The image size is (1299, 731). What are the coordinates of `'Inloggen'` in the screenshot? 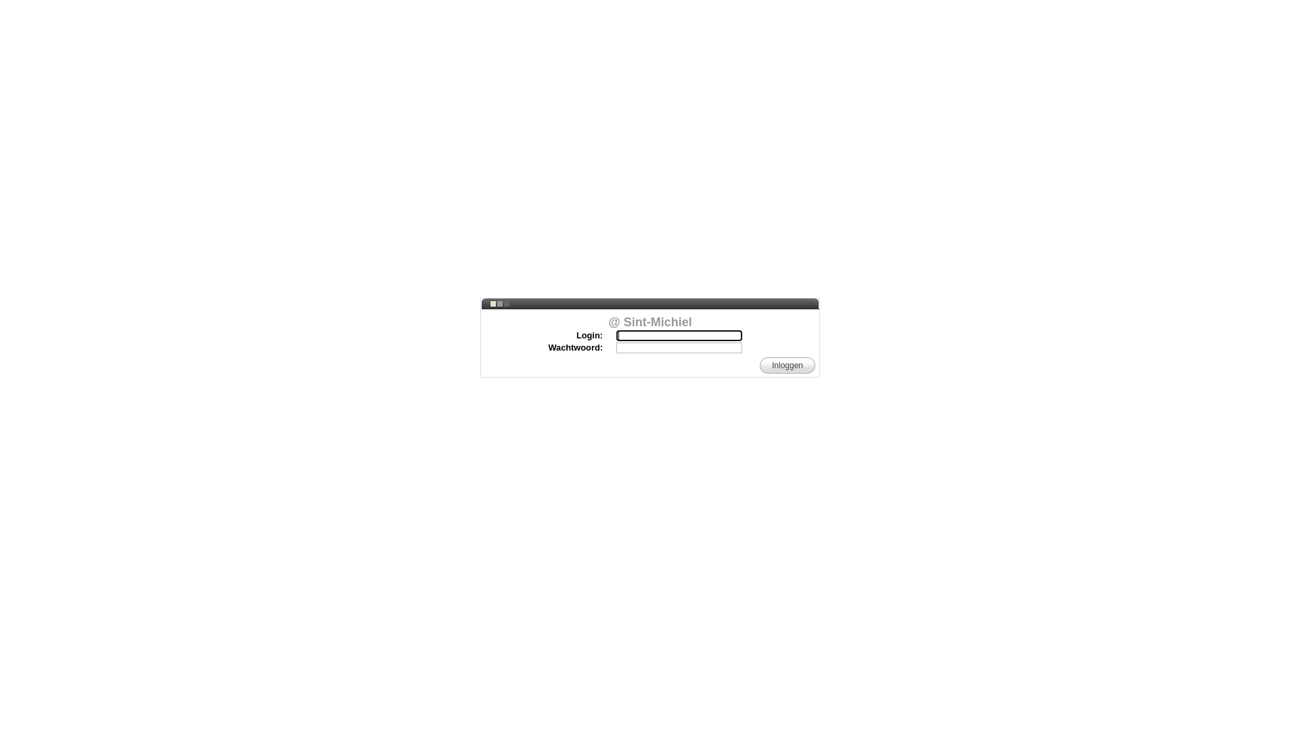 It's located at (787, 365).